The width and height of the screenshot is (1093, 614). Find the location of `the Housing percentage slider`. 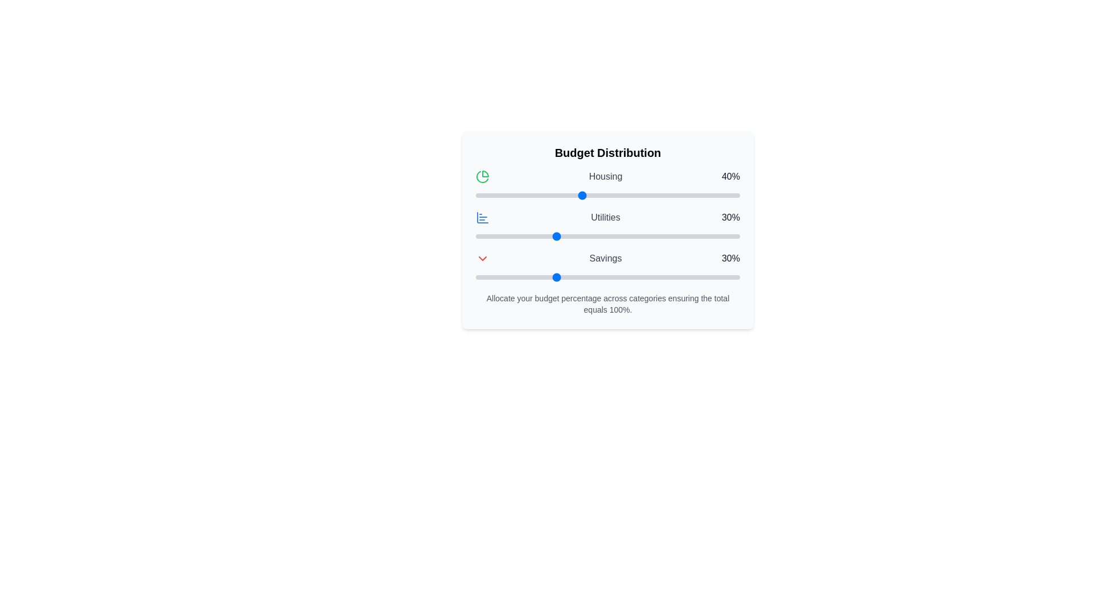

the Housing percentage slider is located at coordinates (584, 194).